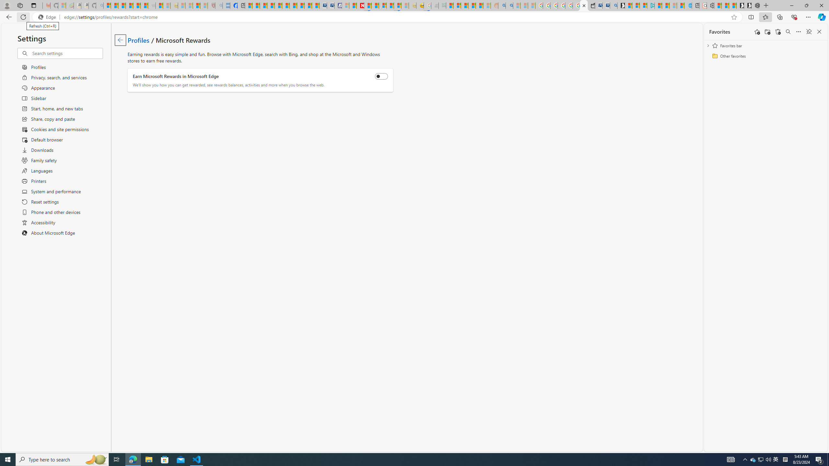 This screenshot has width=829, height=466. What do you see at coordinates (121, 5) in the screenshot?
I see `'The Weather Channel - MSN'` at bounding box center [121, 5].